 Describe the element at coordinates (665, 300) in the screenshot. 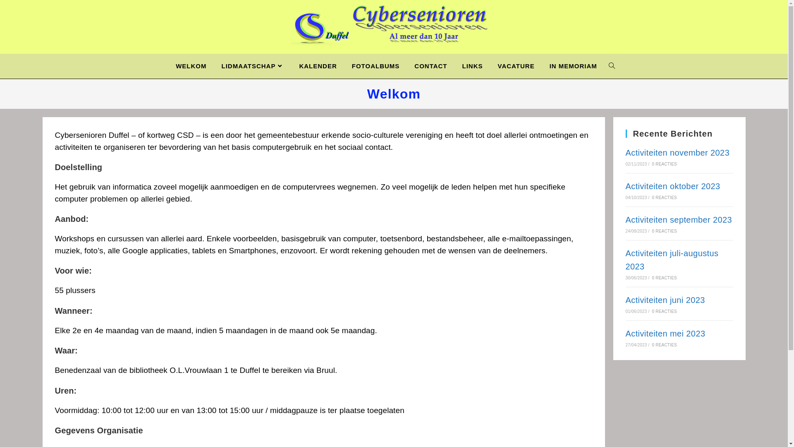

I see `'Activiteiten juni 2023'` at that location.